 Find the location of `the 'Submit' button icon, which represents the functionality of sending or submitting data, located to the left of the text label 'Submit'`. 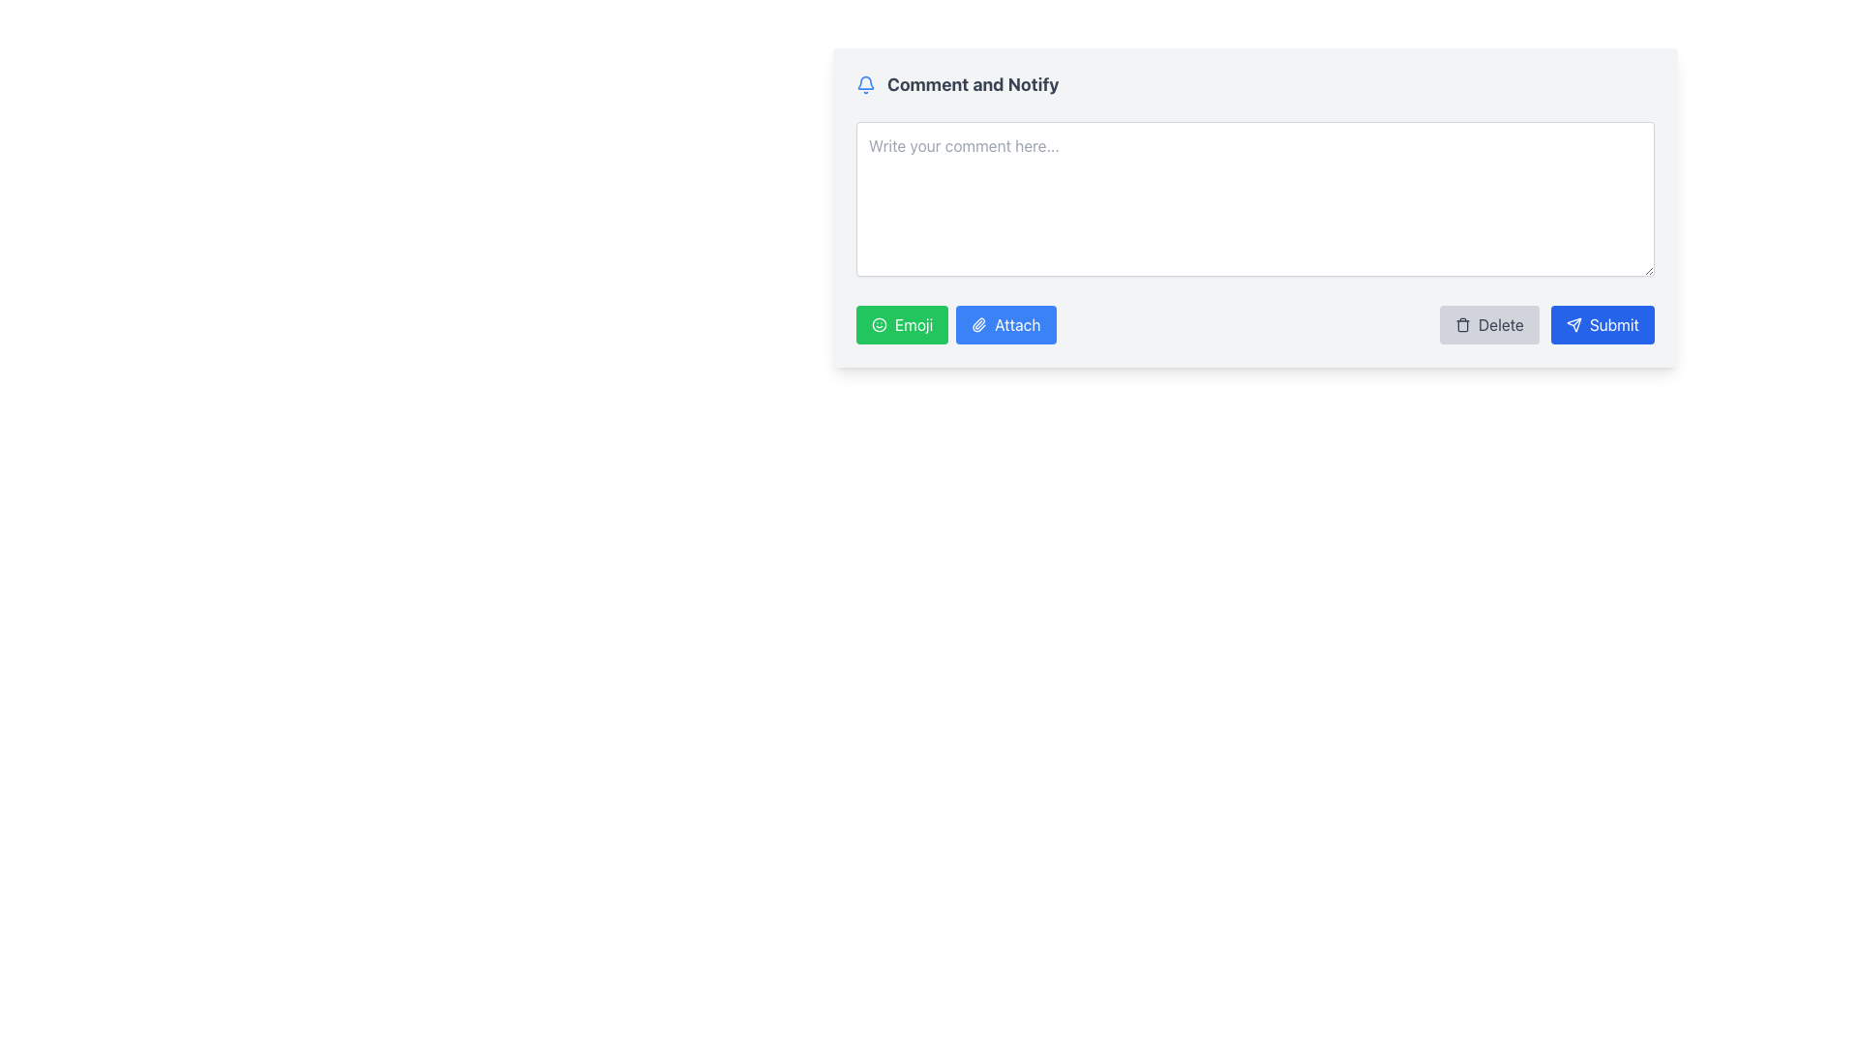

the 'Submit' button icon, which represents the functionality of sending or submitting data, located to the left of the text label 'Submit' is located at coordinates (1573, 323).